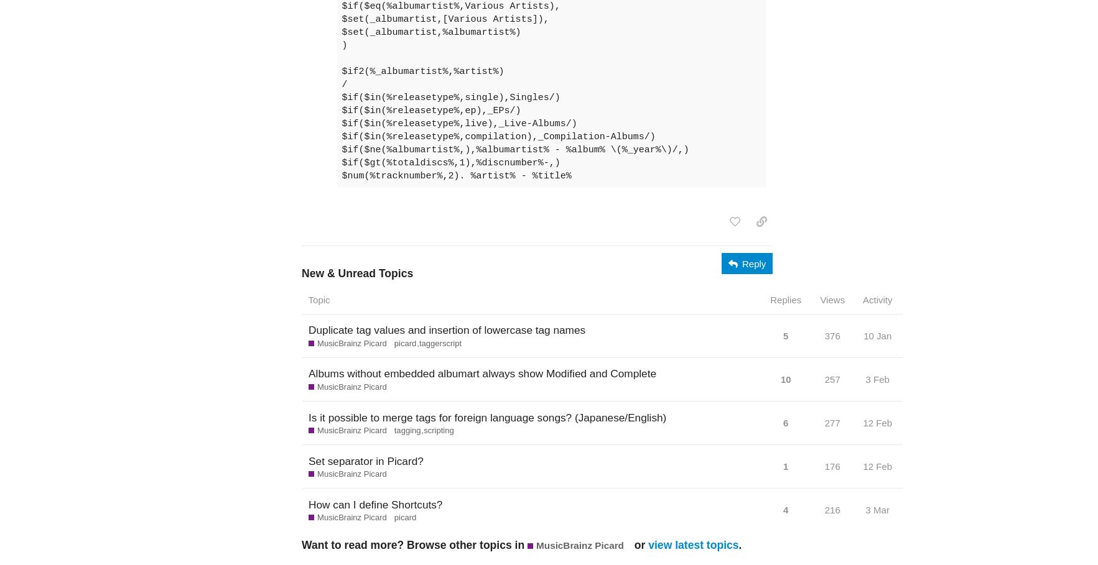 The width and height of the screenshot is (1098, 565). I want to click on 'Is it possible to merge tags for foreign language songs? (Japanese/English)', so click(486, 417).